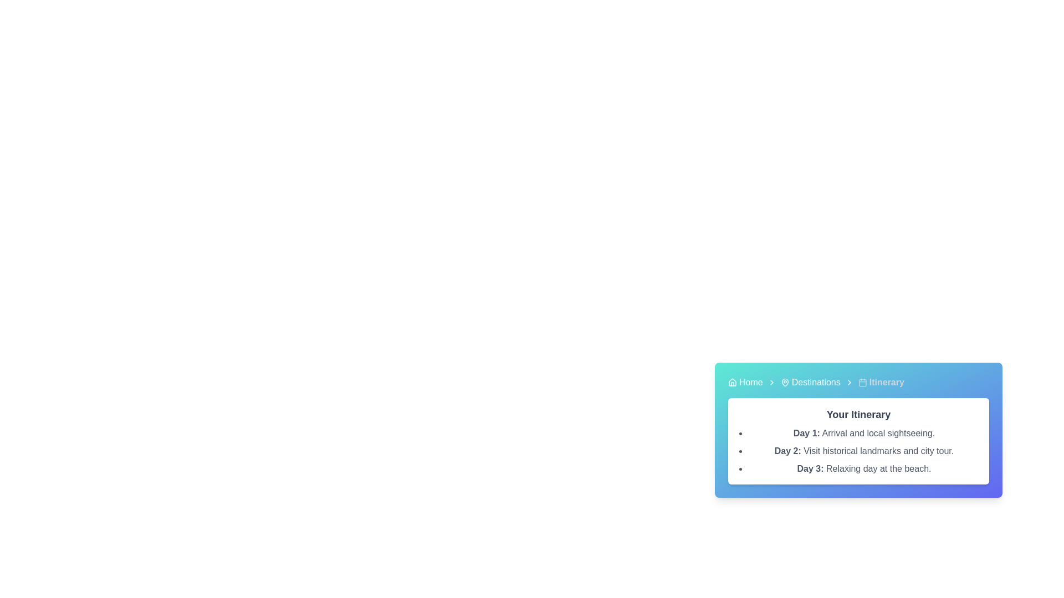  Describe the element at coordinates (848, 382) in the screenshot. I see `the visual separator icon in the breadcrumb navigation located between the 'Destinations' link and the 'Itinerary' label` at that location.